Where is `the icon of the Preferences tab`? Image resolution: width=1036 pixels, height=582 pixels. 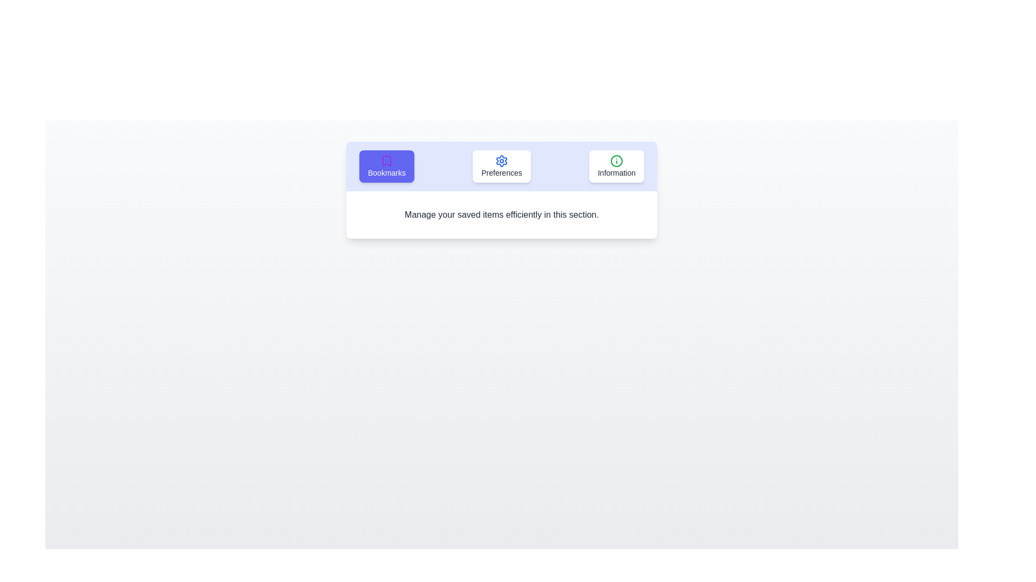 the icon of the Preferences tab is located at coordinates (501, 161).